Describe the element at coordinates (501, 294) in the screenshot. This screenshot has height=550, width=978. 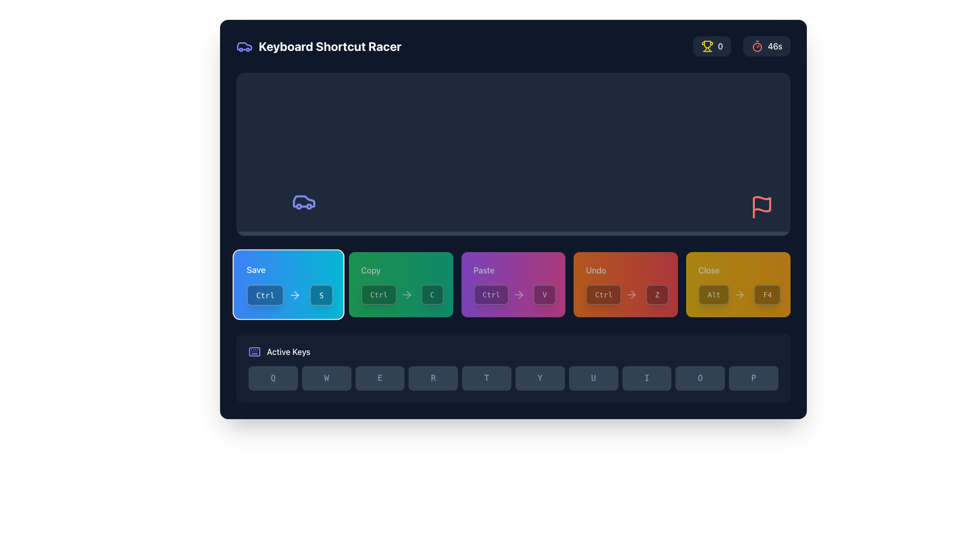
I see `the 'Ctrl' button-like component` at that location.